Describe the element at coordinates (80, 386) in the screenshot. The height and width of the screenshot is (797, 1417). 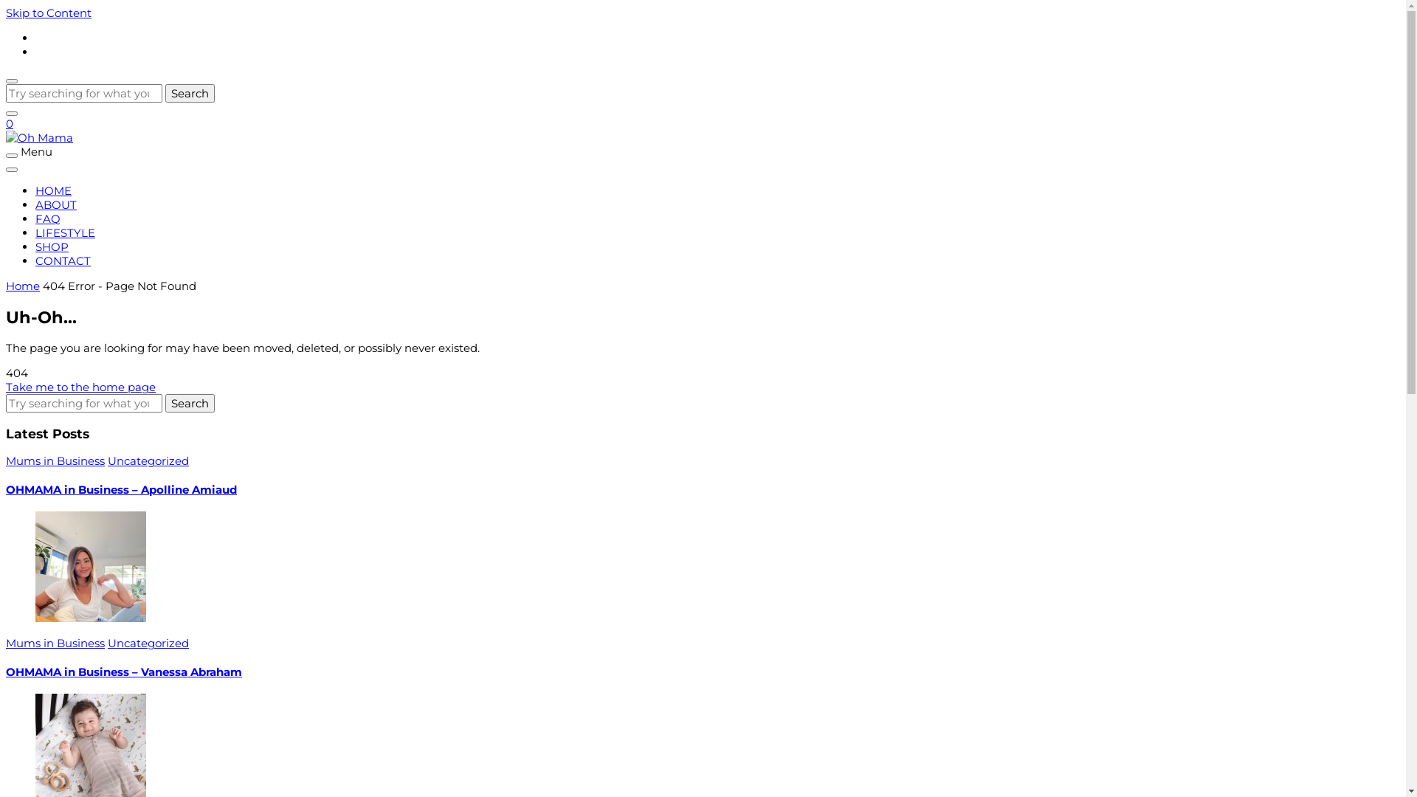
I see `'Take me to the home page'` at that location.